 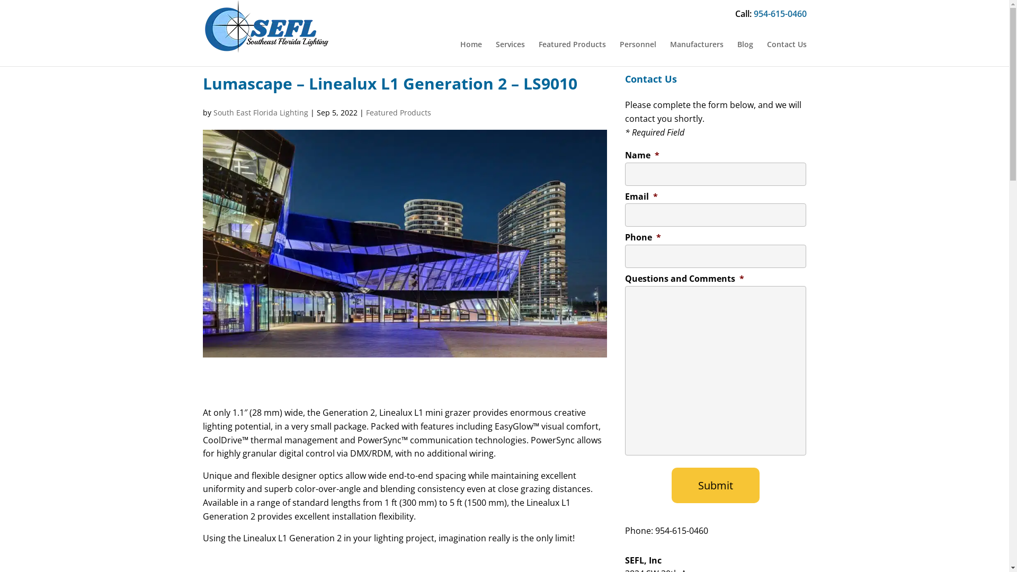 I want to click on 'South East Florida Lighting', so click(x=260, y=112).